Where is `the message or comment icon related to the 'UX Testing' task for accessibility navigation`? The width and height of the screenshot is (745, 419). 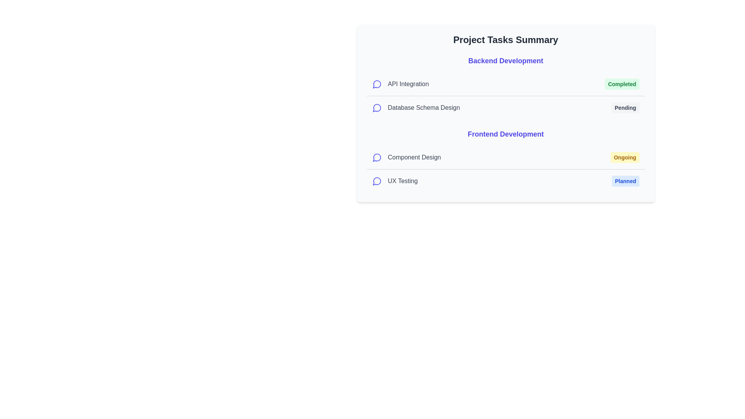 the message or comment icon related to the 'UX Testing' task for accessibility navigation is located at coordinates (377, 181).